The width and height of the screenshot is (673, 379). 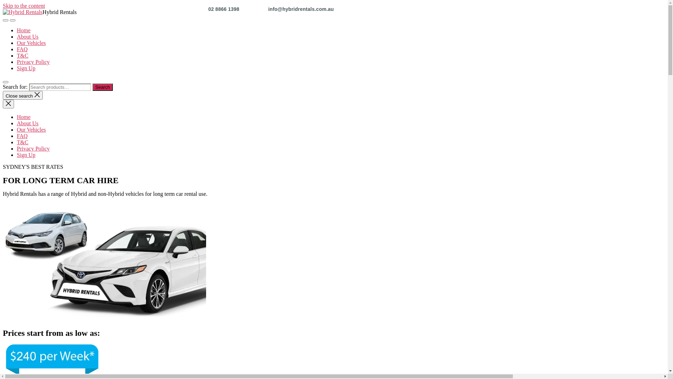 What do you see at coordinates (22, 136) in the screenshot?
I see `'FAQ'` at bounding box center [22, 136].